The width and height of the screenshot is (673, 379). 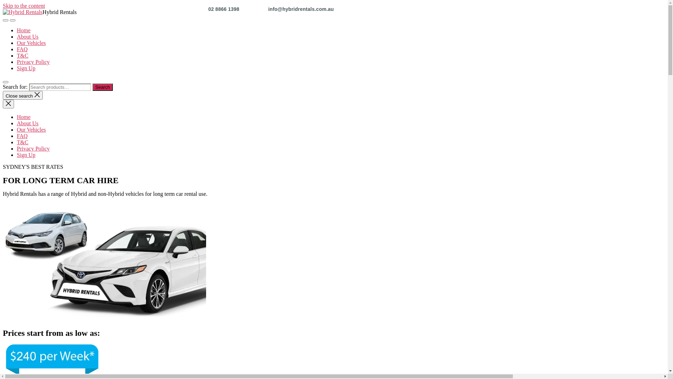 What do you see at coordinates (22, 136) in the screenshot?
I see `'FAQ'` at bounding box center [22, 136].